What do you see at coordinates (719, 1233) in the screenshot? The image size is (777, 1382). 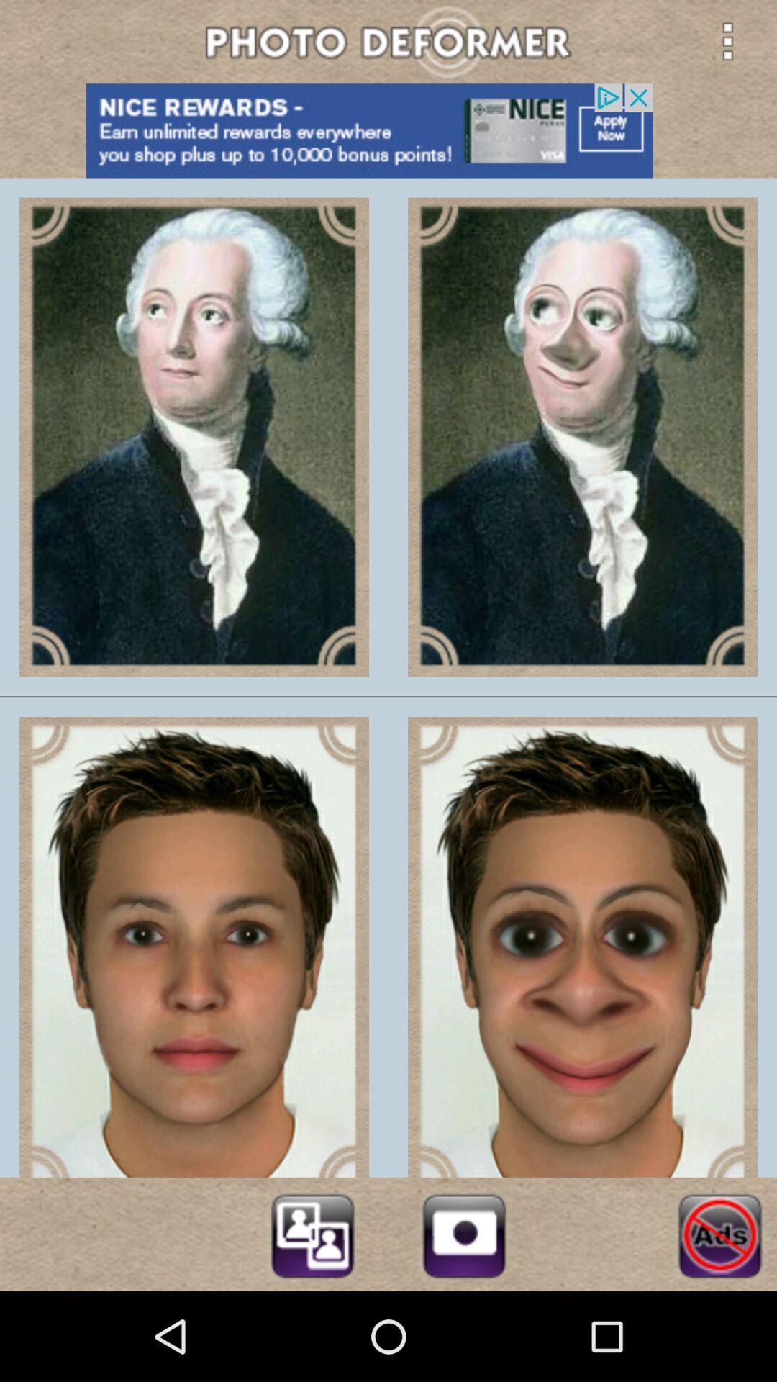 I see `remove advertisements` at bounding box center [719, 1233].